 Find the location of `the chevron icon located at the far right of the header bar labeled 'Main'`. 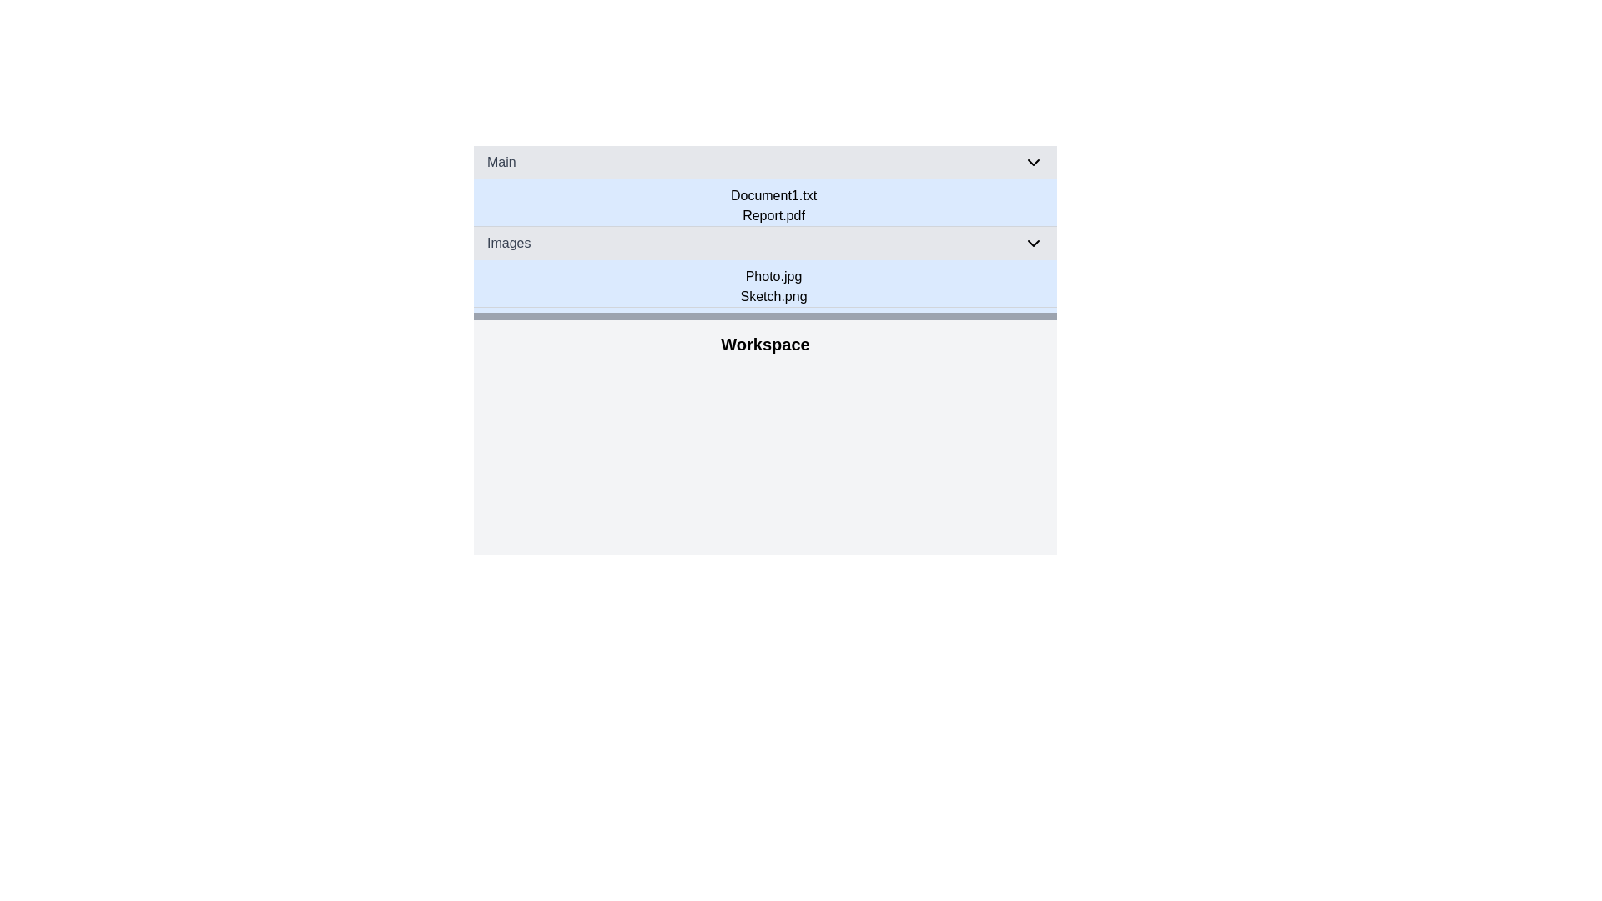

the chevron icon located at the far right of the header bar labeled 'Main' is located at coordinates (1032, 163).